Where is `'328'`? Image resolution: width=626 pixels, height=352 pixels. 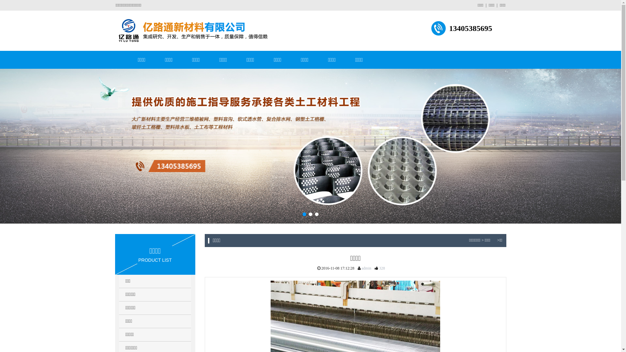 '328' is located at coordinates (378, 268).